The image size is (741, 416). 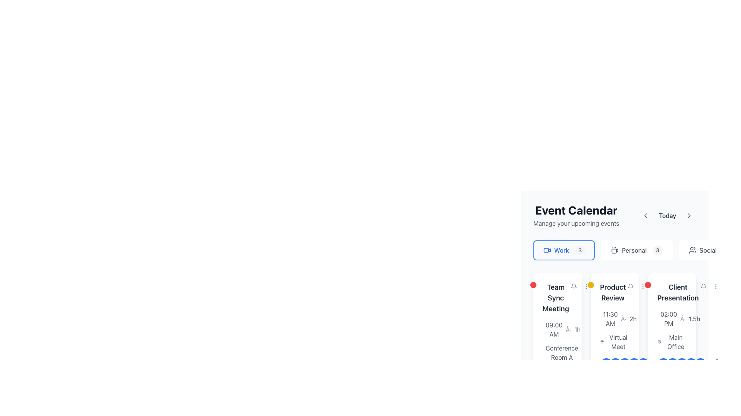 What do you see at coordinates (629, 364) in the screenshot?
I see `the row of rounded blue avatars with white borders` at bounding box center [629, 364].